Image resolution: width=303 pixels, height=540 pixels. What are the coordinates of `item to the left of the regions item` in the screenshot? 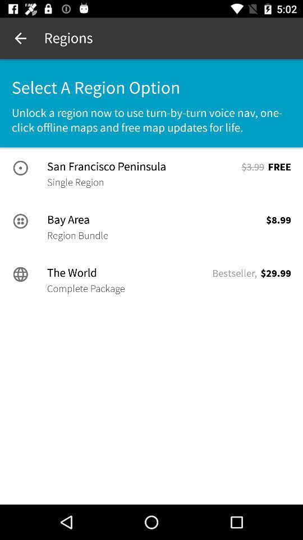 It's located at (20, 38).